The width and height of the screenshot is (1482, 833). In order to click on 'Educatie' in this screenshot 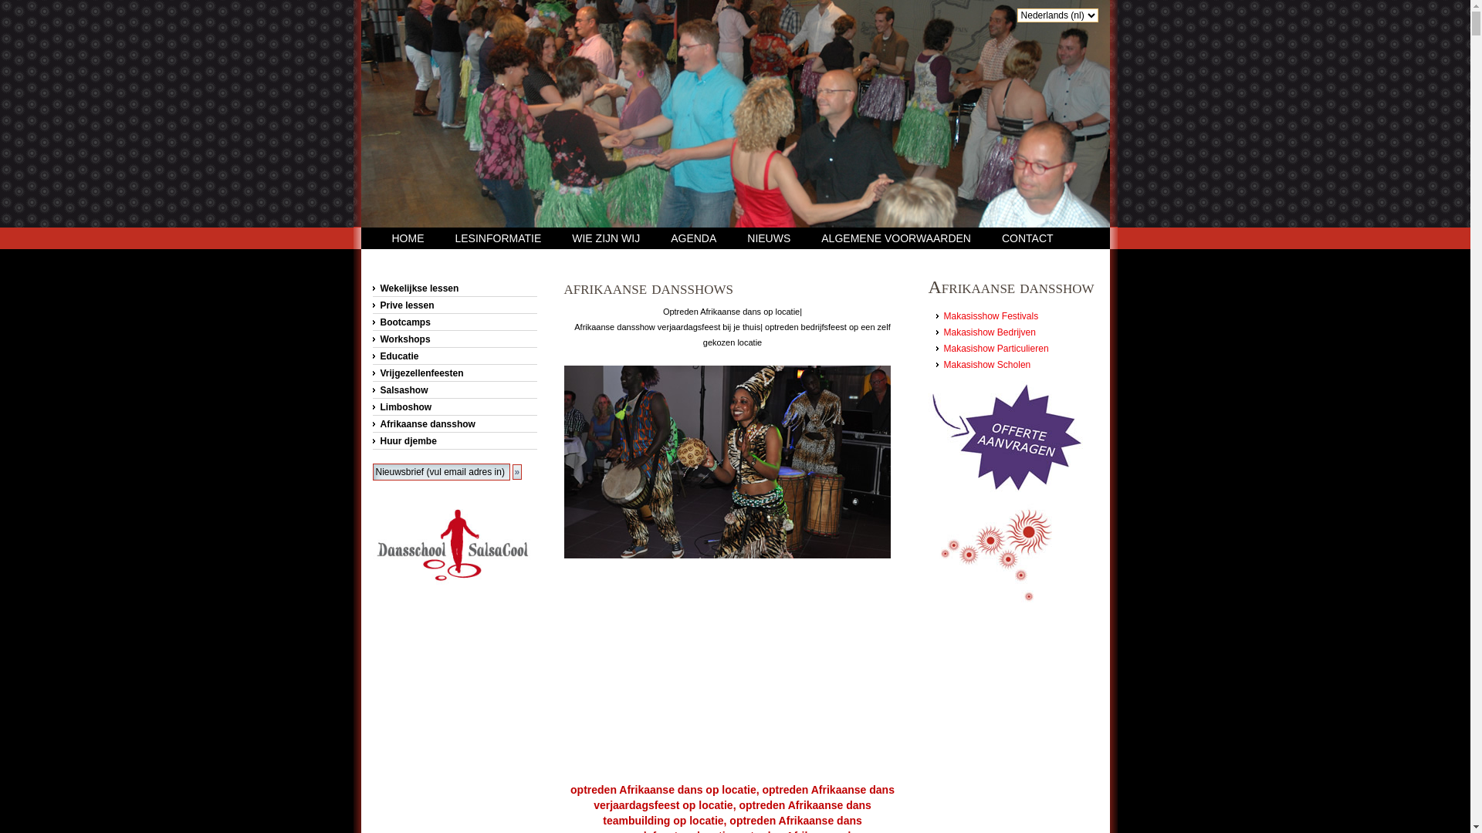, I will do `click(371, 356)`.